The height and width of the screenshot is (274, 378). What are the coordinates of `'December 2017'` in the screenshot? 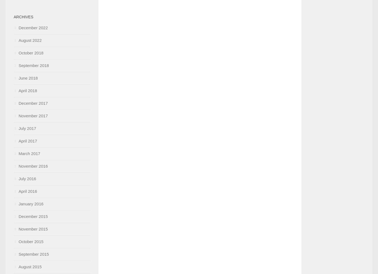 It's located at (33, 103).